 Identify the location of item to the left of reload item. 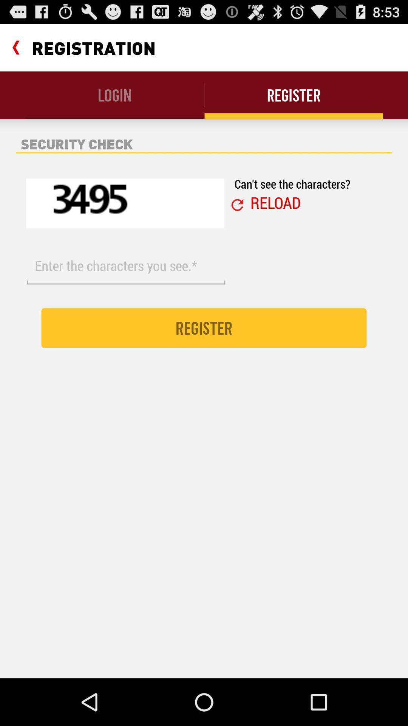
(237, 205).